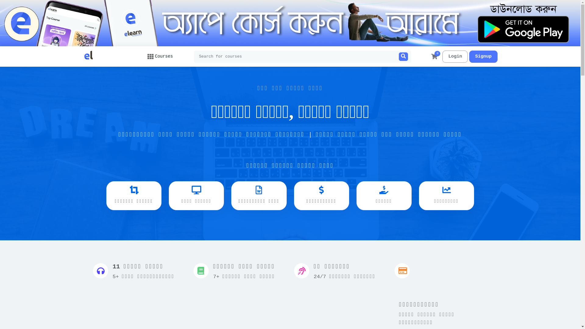 The image size is (585, 329). Describe the element at coordinates (483, 56) in the screenshot. I see `'Signup'` at that location.